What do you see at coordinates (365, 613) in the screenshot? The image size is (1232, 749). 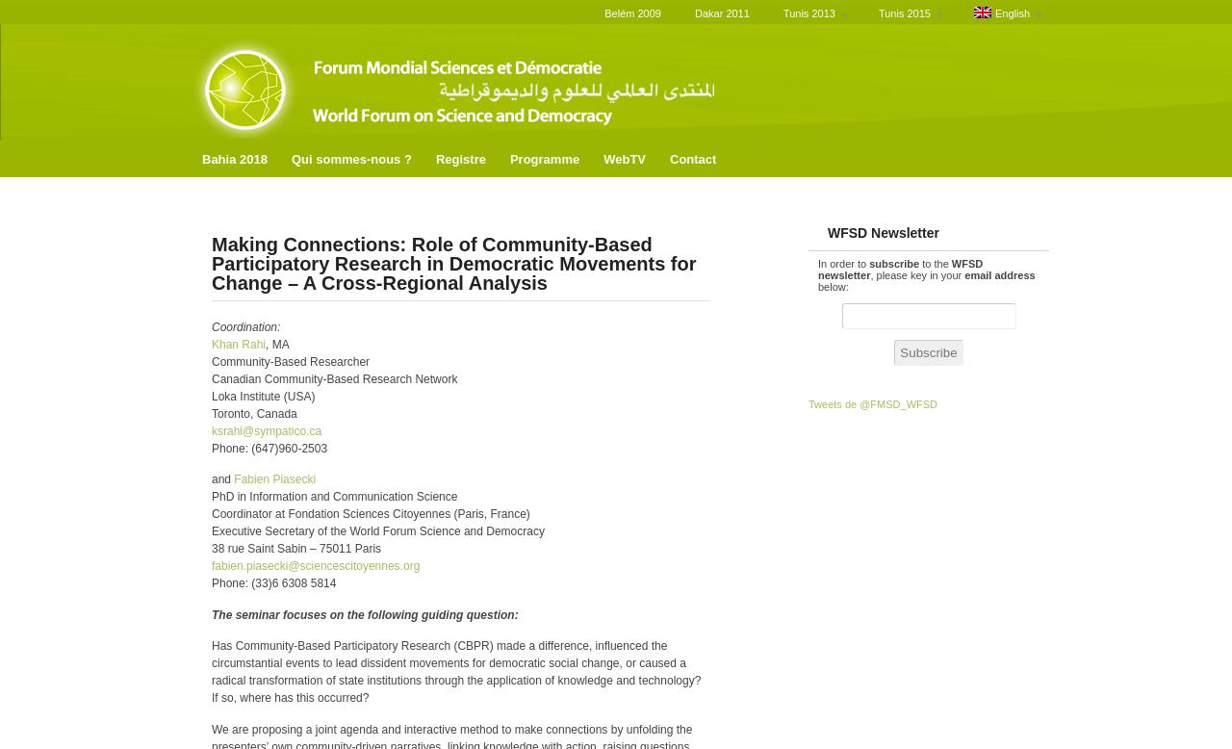 I see `'The seminar focuses on the following guiding question:'` at bounding box center [365, 613].